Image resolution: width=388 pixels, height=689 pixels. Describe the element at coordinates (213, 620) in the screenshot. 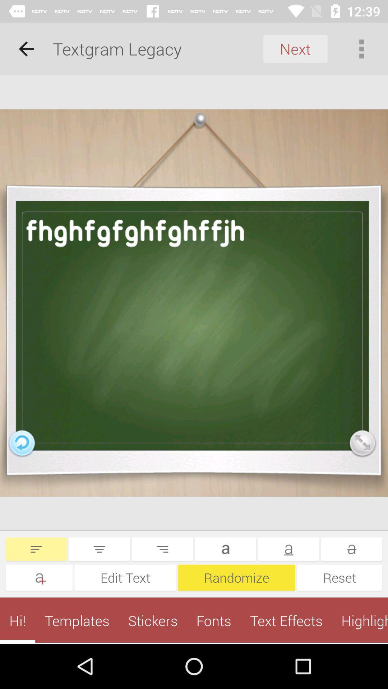

I see `item next to stickers app` at that location.